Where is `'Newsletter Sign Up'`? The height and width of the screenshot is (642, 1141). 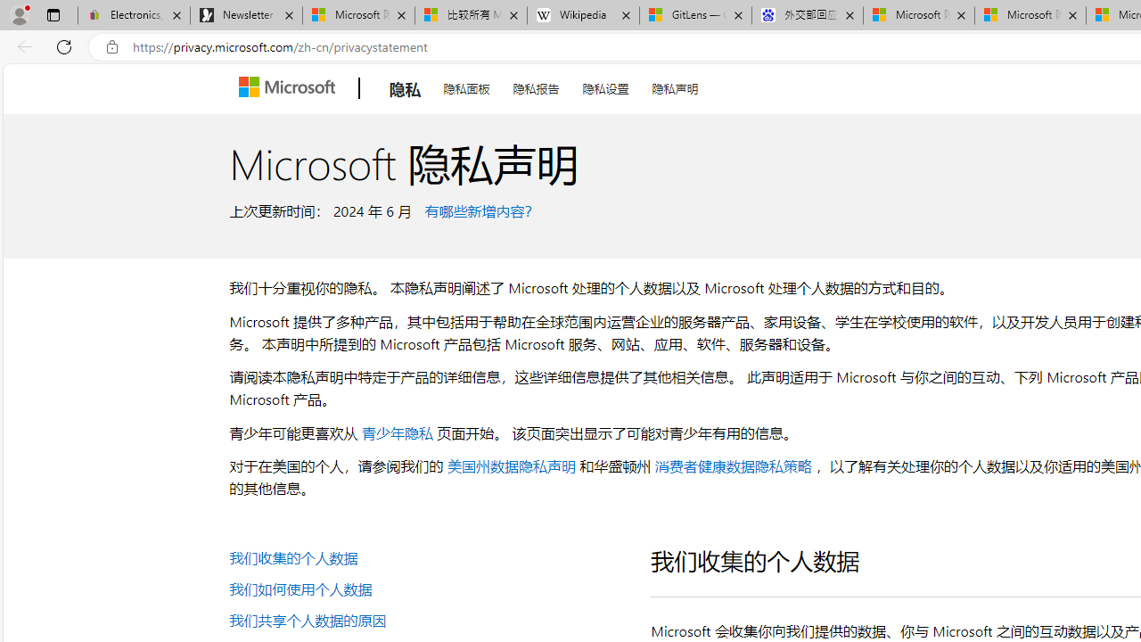
'Newsletter Sign Up' is located at coordinates (245, 15).